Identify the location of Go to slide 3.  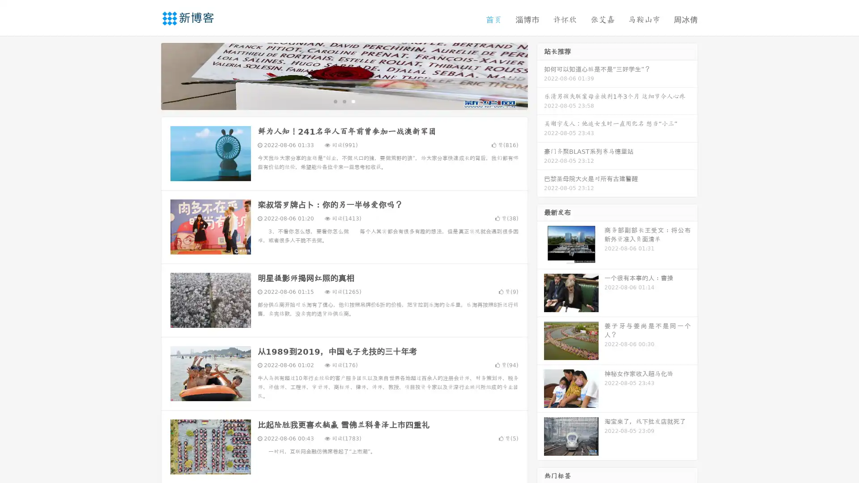
(353, 101).